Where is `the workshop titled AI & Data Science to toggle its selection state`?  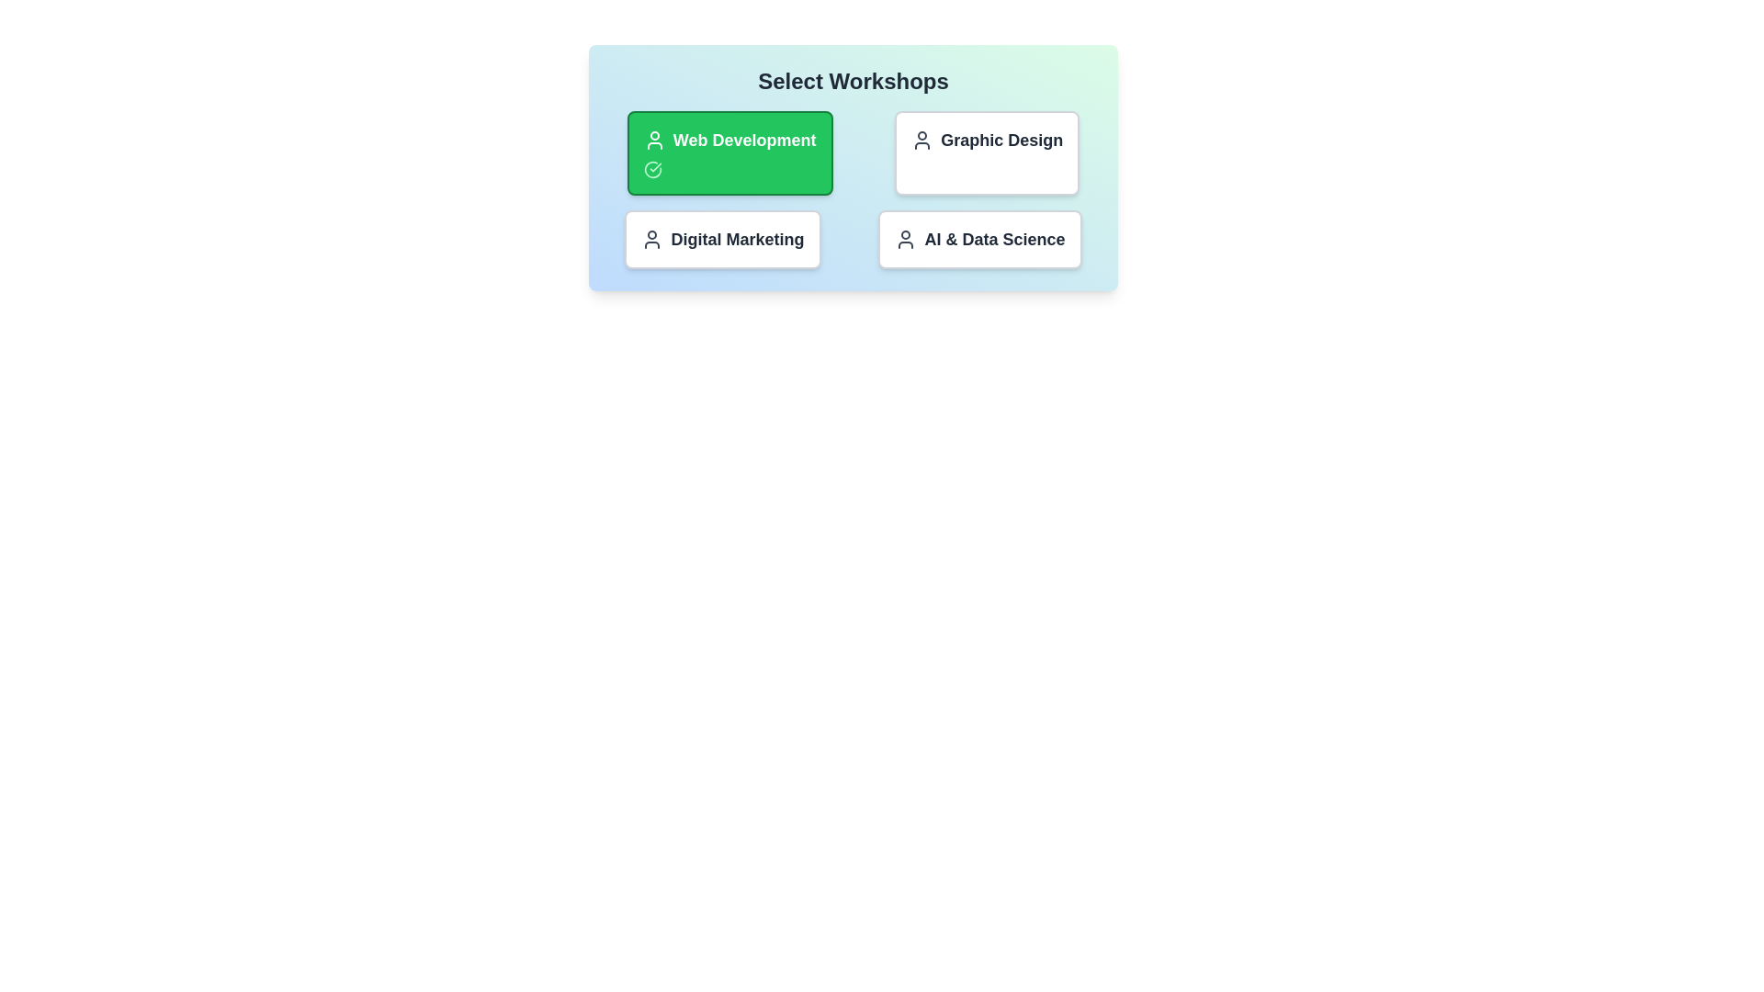
the workshop titled AI & Data Science to toggle its selection state is located at coordinates (978, 239).